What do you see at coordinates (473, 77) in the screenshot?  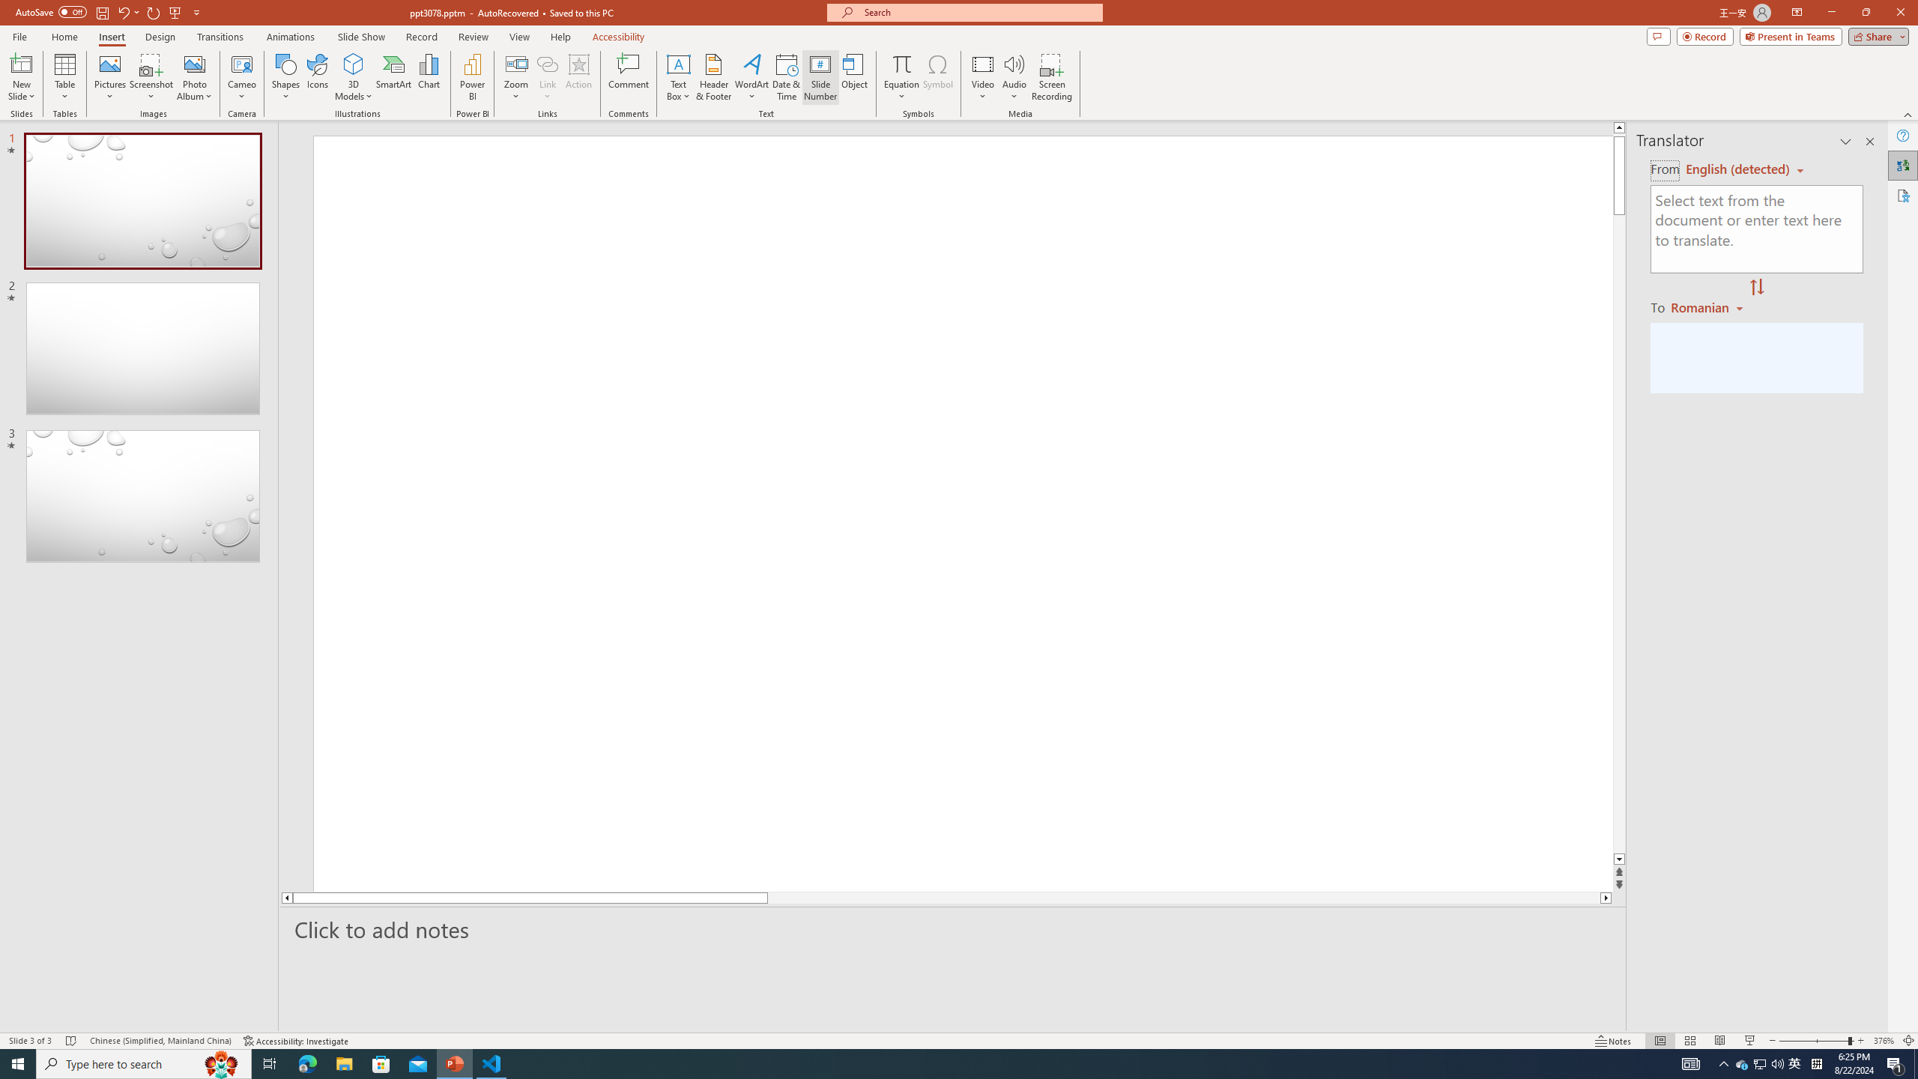 I see `'Power BI'` at bounding box center [473, 77].